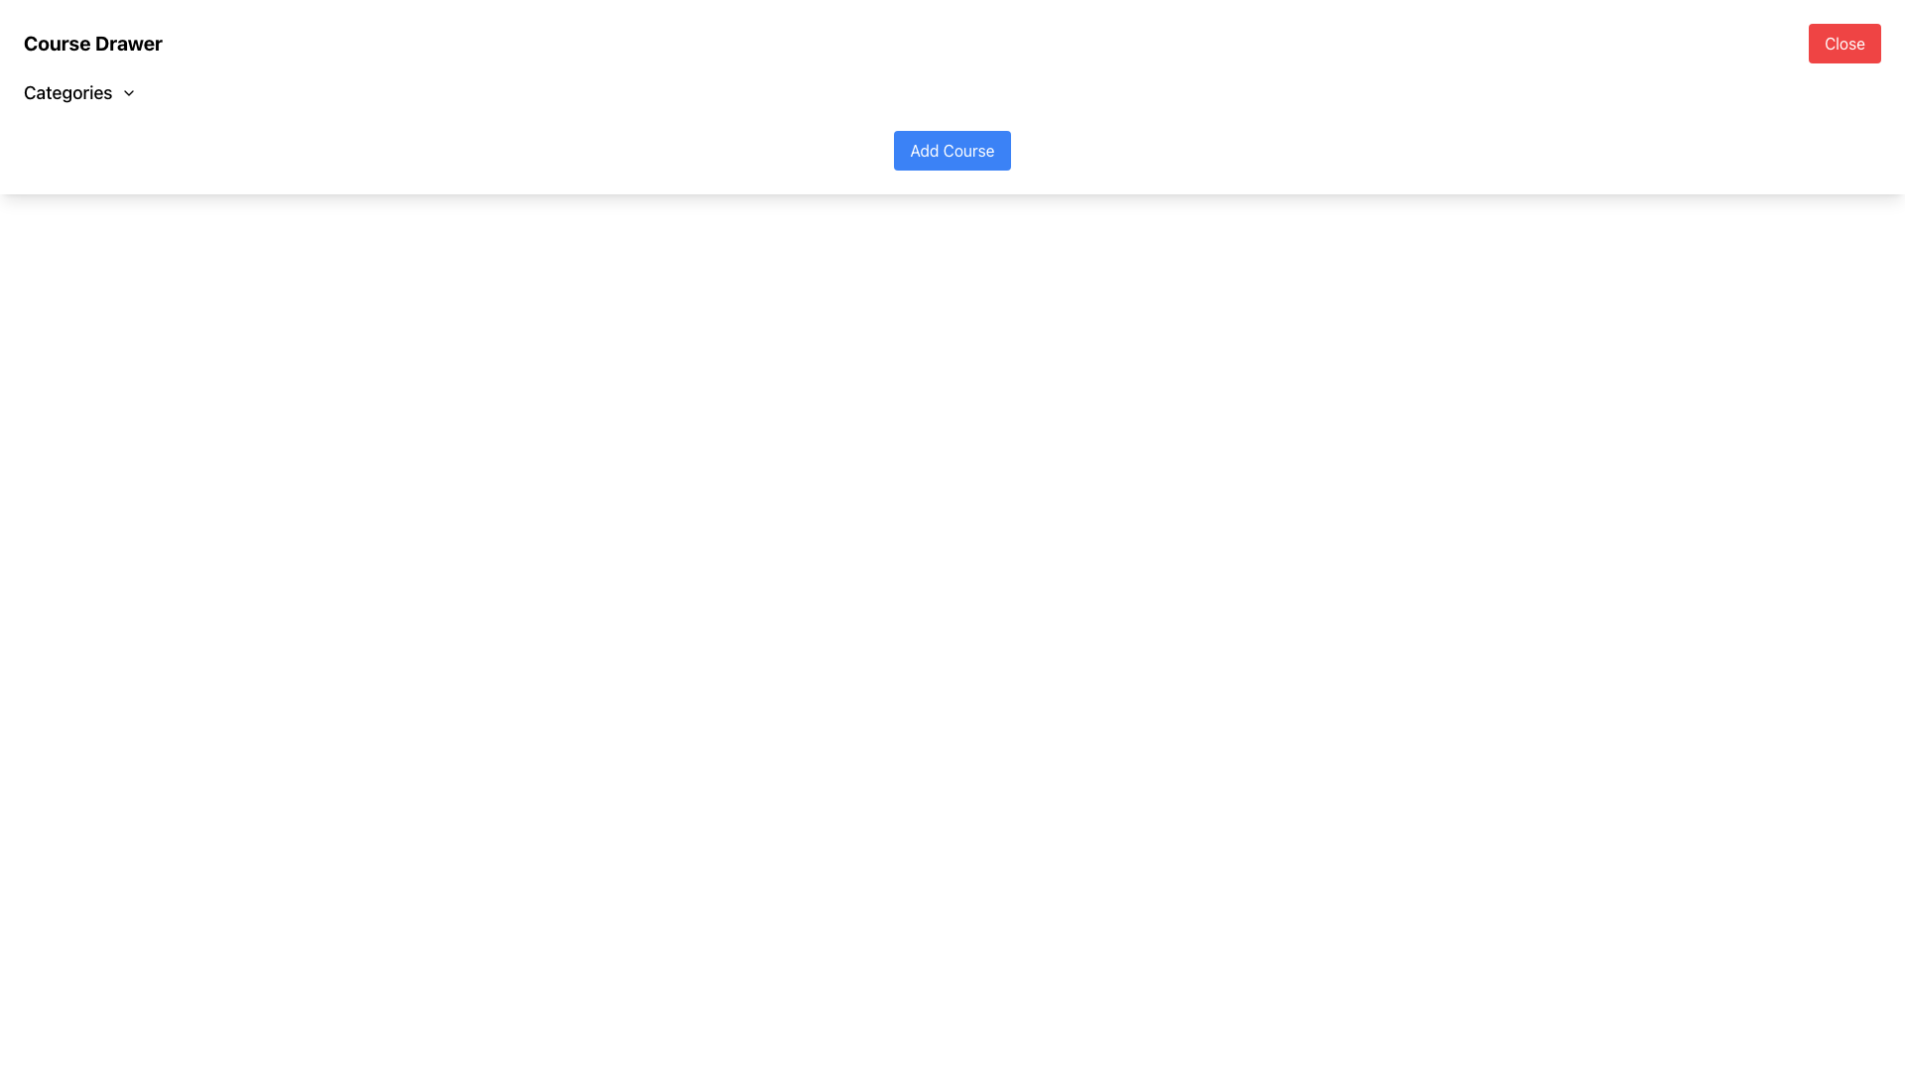 Image resolution: width=1905 pixels, height=1071 pixels. What do you see at coordinates (79, 92) in the screenshot?
I see `the Dropdown Menu Trigger located below the heading 'Course Drawer'` at bounding box center [79, 92].